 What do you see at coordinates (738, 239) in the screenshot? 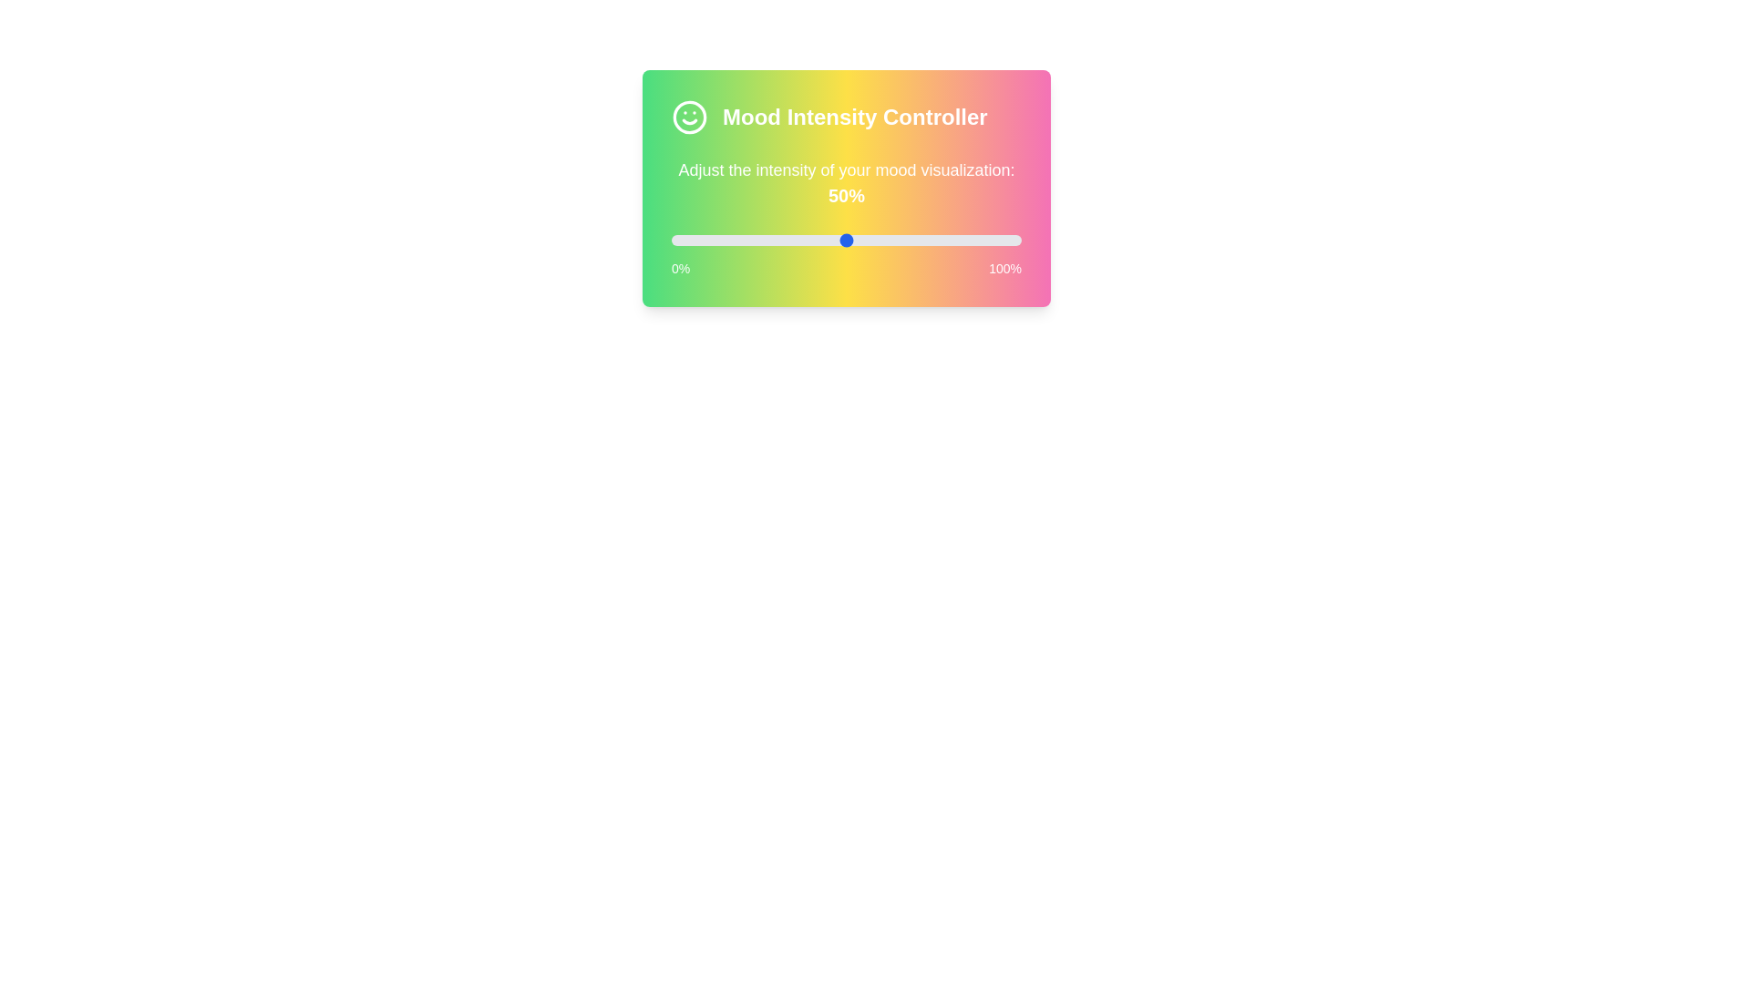
I see `the slider to set mood intensity to 19%` at bounding box center [738, 239].